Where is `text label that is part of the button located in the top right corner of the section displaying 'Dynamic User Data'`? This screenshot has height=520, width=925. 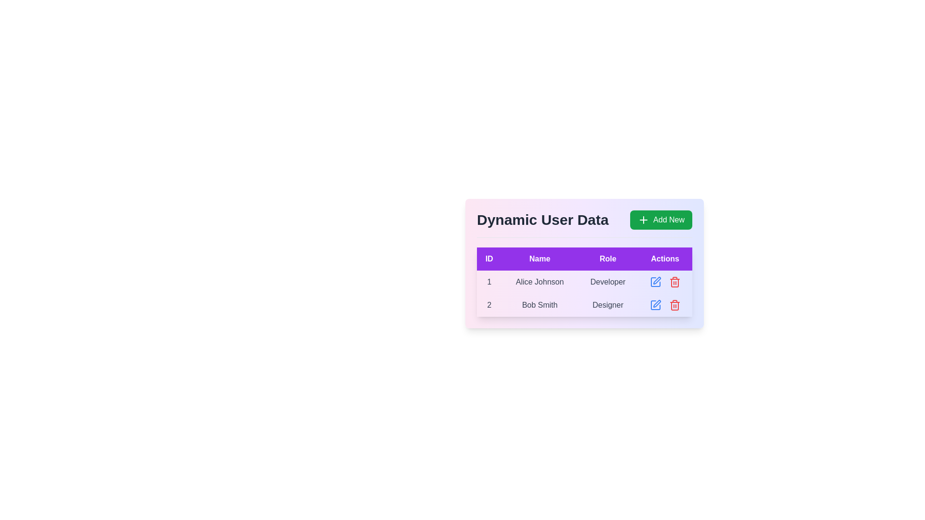
text label that is part of the button located in the top right corner of the section displaying 'Dynamic User Data' is located at coordinates (668, 220).